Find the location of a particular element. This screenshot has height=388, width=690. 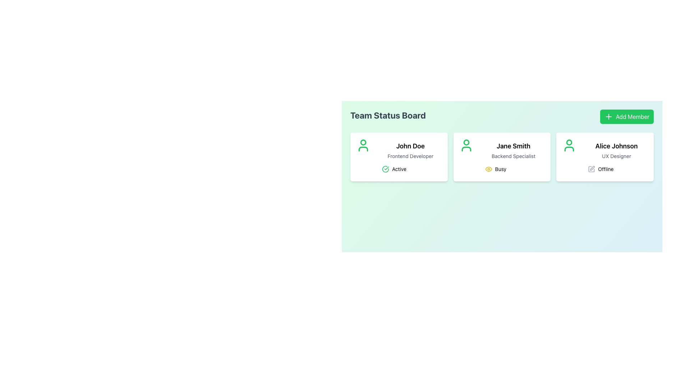

the green circle Status Indicator Icon with a checkmark inside, located next to the 'Active' label in the 'John Doe' card layout is located at coordinates (385, 169).